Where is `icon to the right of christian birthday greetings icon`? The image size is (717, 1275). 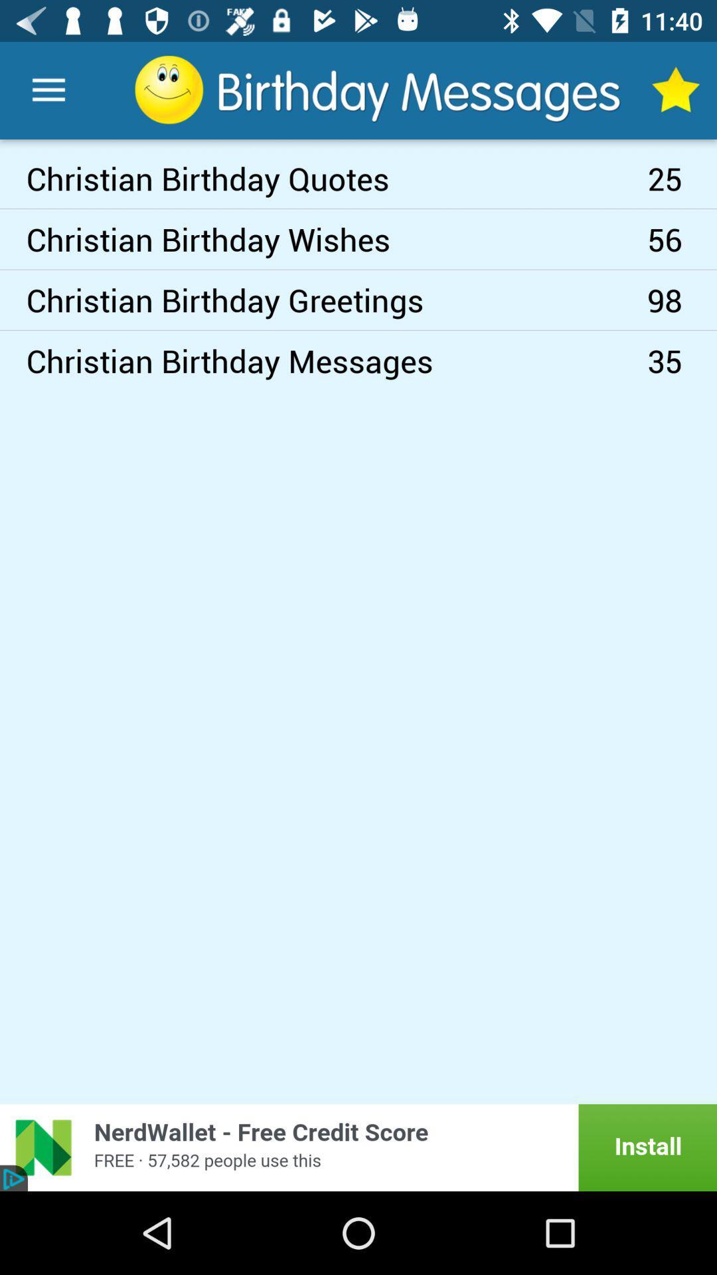
icon to the right of christian birthday greetings icon is located at coordinates (682, 239).